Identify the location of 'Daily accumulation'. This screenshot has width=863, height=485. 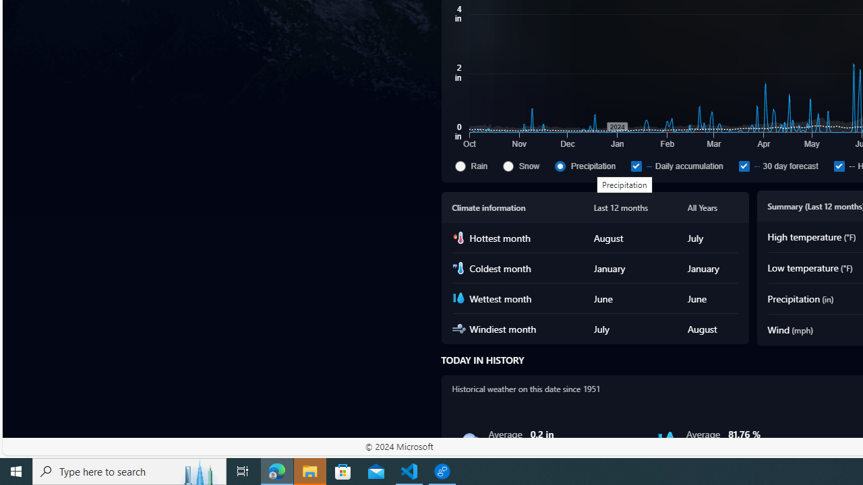
(682, 165).